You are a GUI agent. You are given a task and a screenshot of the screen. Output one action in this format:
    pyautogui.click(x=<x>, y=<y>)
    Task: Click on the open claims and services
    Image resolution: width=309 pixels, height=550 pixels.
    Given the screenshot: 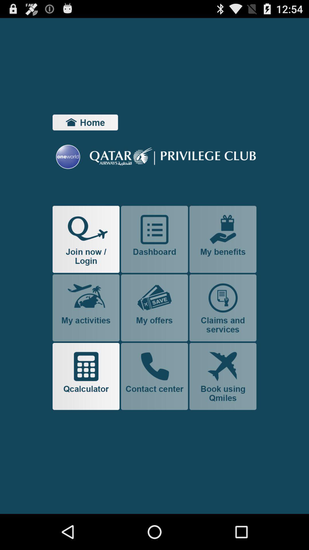 What is the action you would take?
    pyautogui.click(x=223, y=307)
    